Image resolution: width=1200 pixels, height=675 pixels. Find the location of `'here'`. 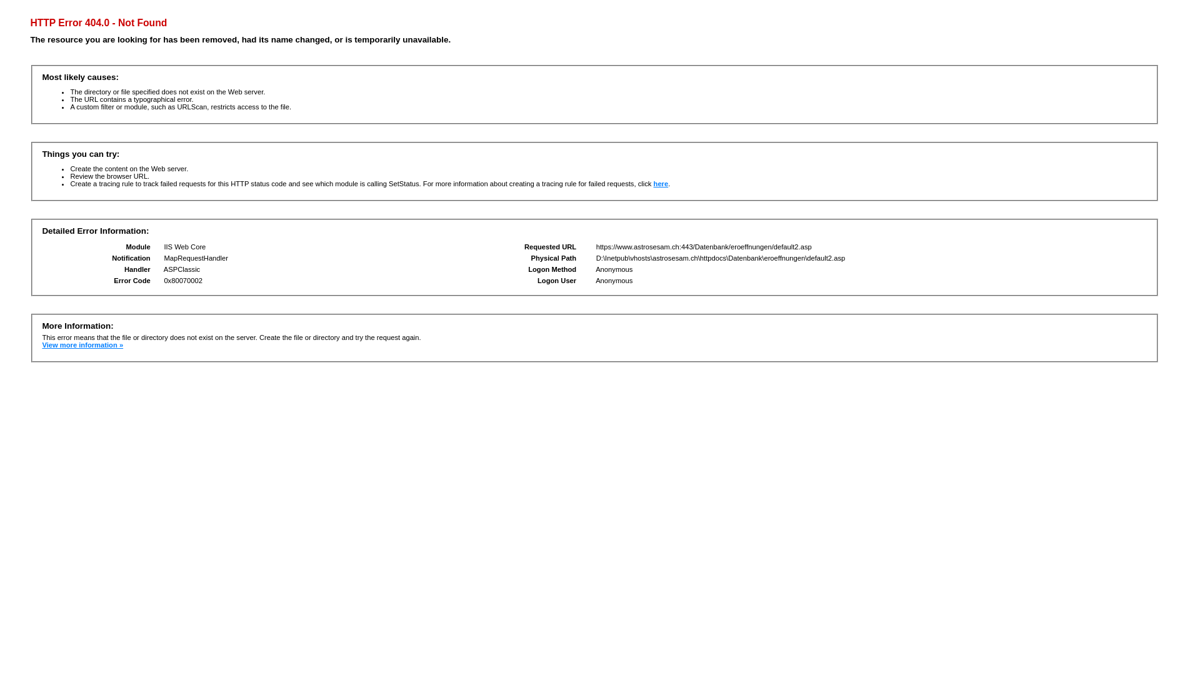

'here' is located at coordinates (660, 183).